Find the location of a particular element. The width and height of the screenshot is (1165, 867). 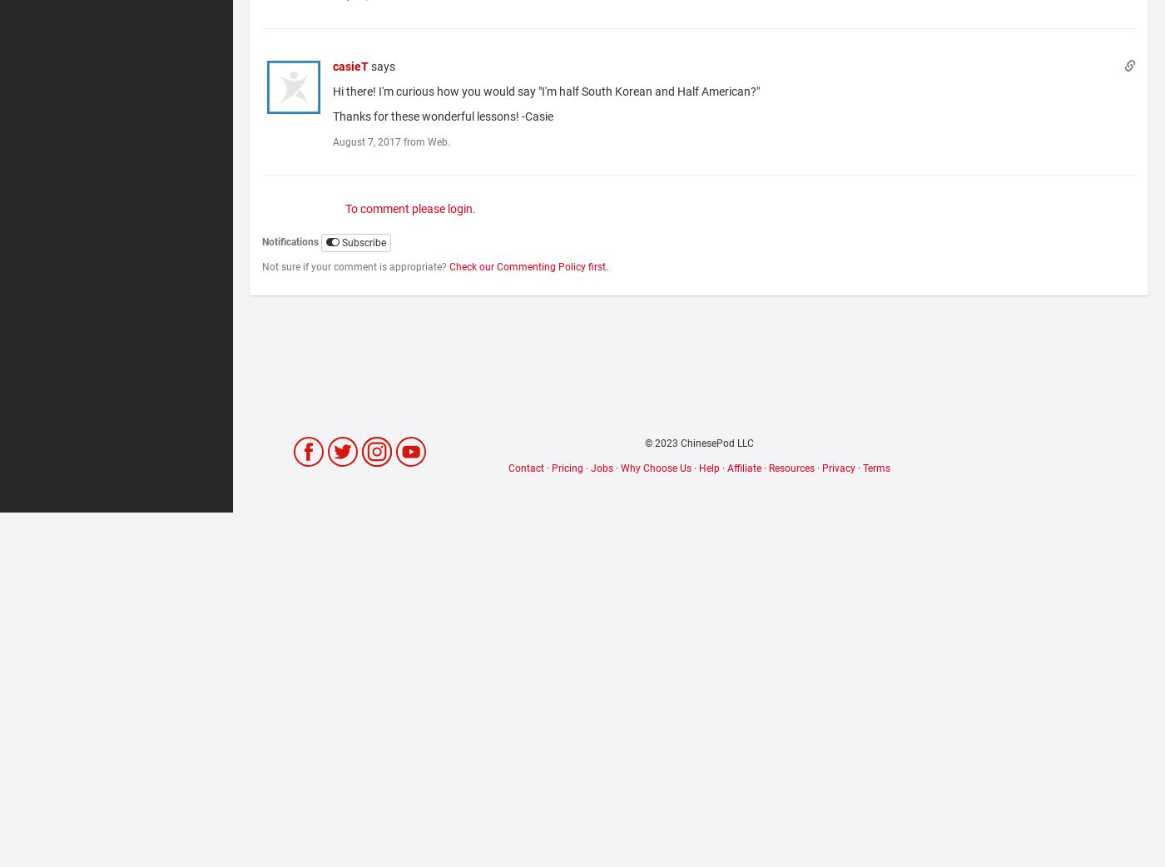

'says' is located at coordinates (383, 66).